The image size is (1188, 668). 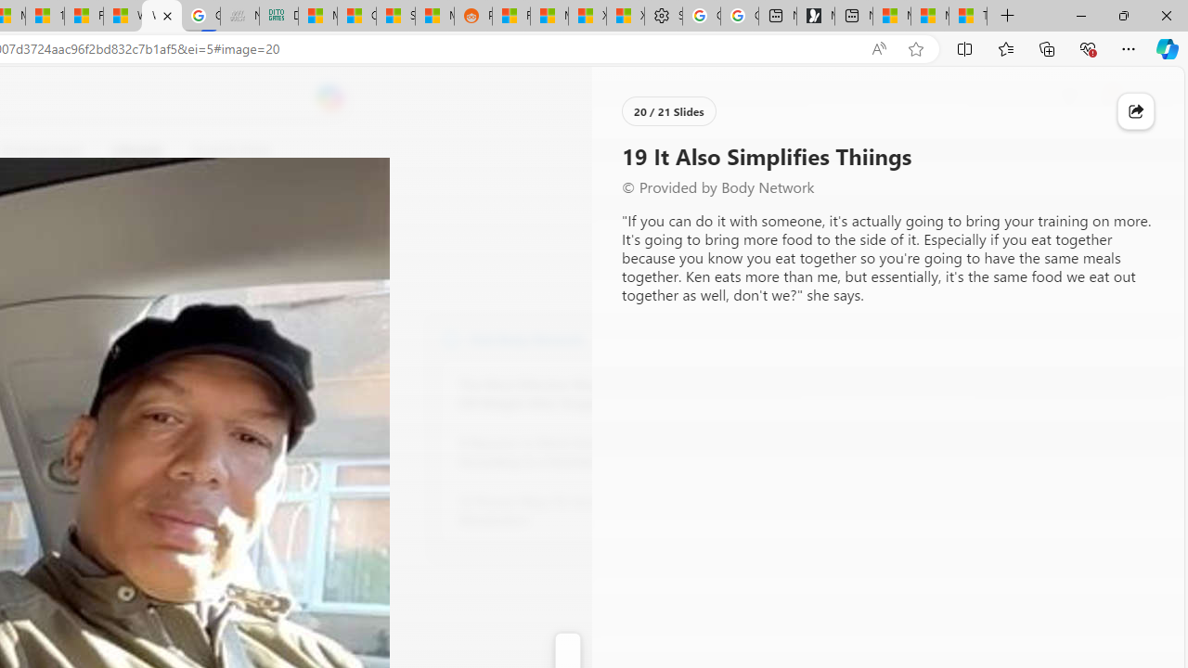 What do you see at coordinates (330, 97) in the screenshot?
I see `'Open Copilot'` at bounding box center [330, 97].